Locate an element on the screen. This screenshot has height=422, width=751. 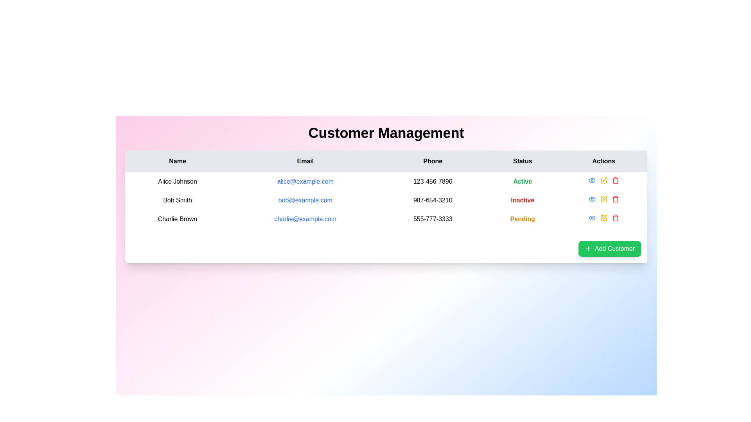
the Text label displaying the individual's name in the first row of the table, which is positioned under the 'Name' column and to the left of the 'Email' column is located at coordinates (177, 182).